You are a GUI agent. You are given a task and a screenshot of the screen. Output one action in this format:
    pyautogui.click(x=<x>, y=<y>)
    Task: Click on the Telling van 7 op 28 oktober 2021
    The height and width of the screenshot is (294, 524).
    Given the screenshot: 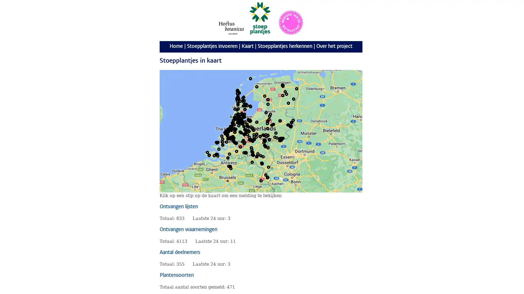 What is the action you would take?
    pyautogui.click(x=242, y=113)
    